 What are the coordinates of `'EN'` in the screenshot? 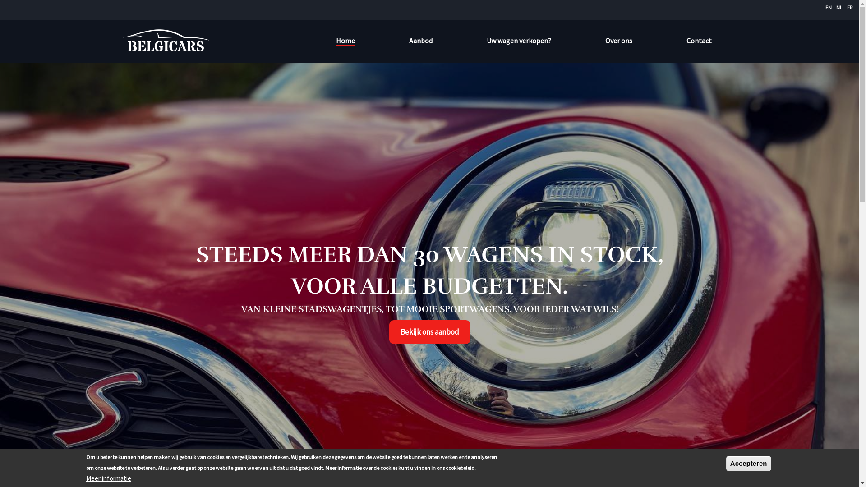 It's located at (829, 7).